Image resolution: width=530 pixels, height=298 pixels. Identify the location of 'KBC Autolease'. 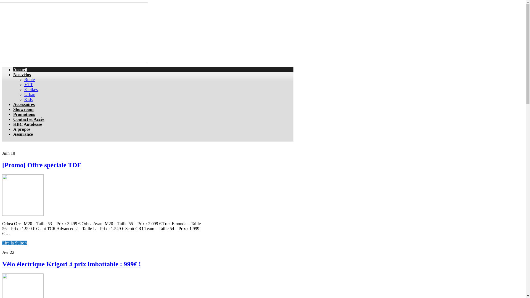
(27, 124).